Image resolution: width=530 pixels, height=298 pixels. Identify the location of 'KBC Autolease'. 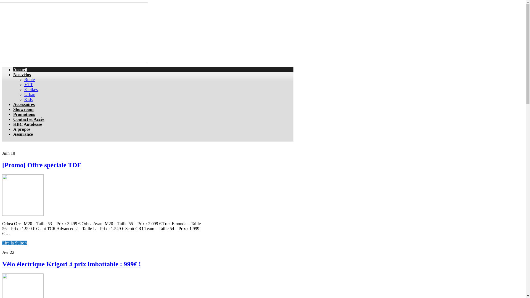
(27, 124).